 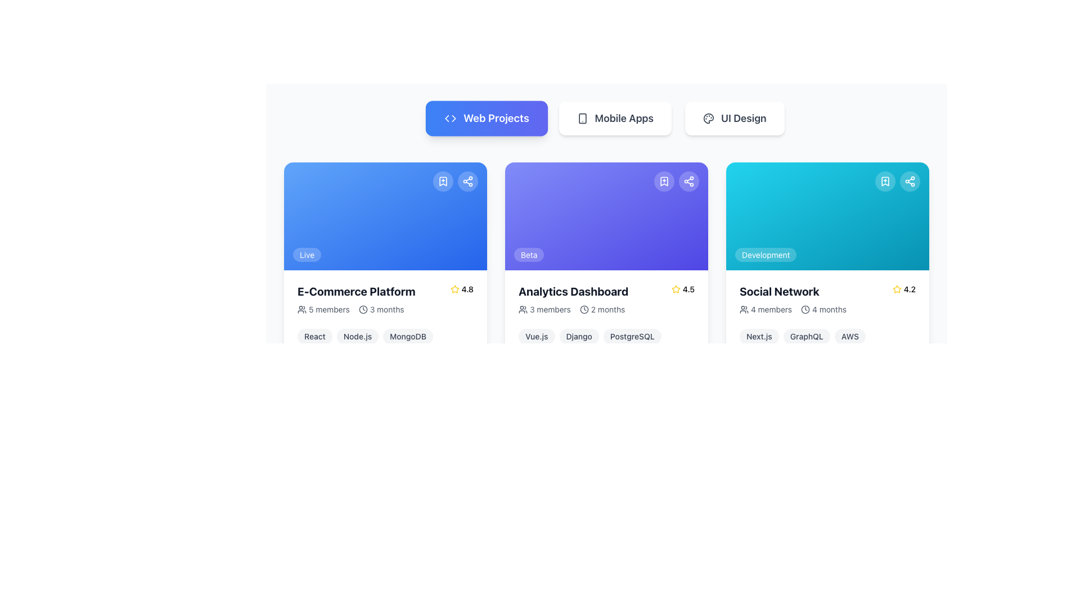 I want to click on the circular button with a bookmark icon located at the top-right corner of the 'E-Commerce Platform' content card, so click(x=442, y=181).